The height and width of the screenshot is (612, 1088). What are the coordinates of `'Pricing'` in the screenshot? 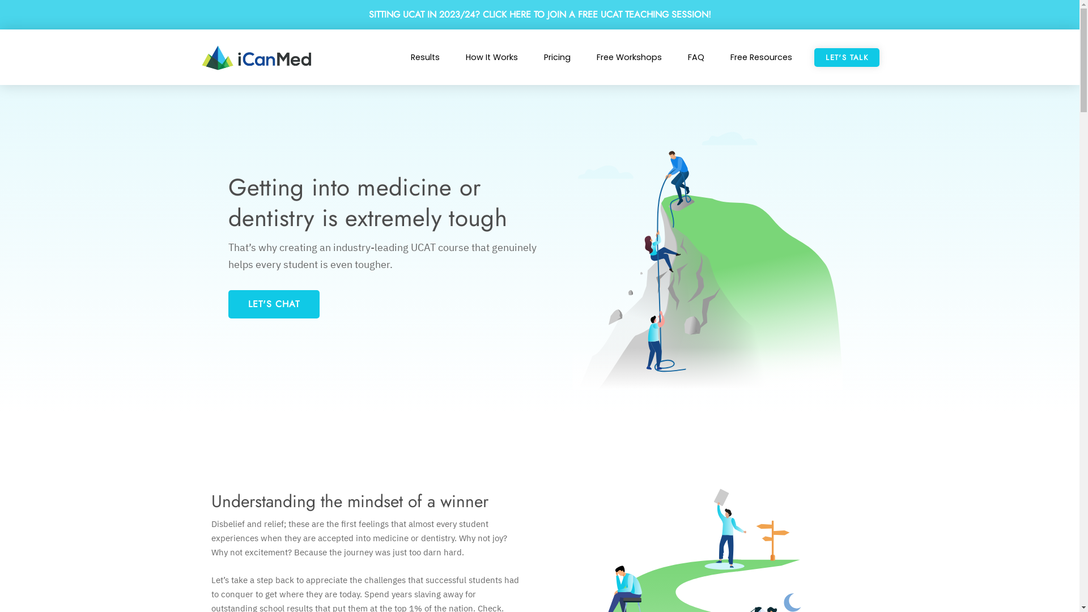 It's located at (557, 57).